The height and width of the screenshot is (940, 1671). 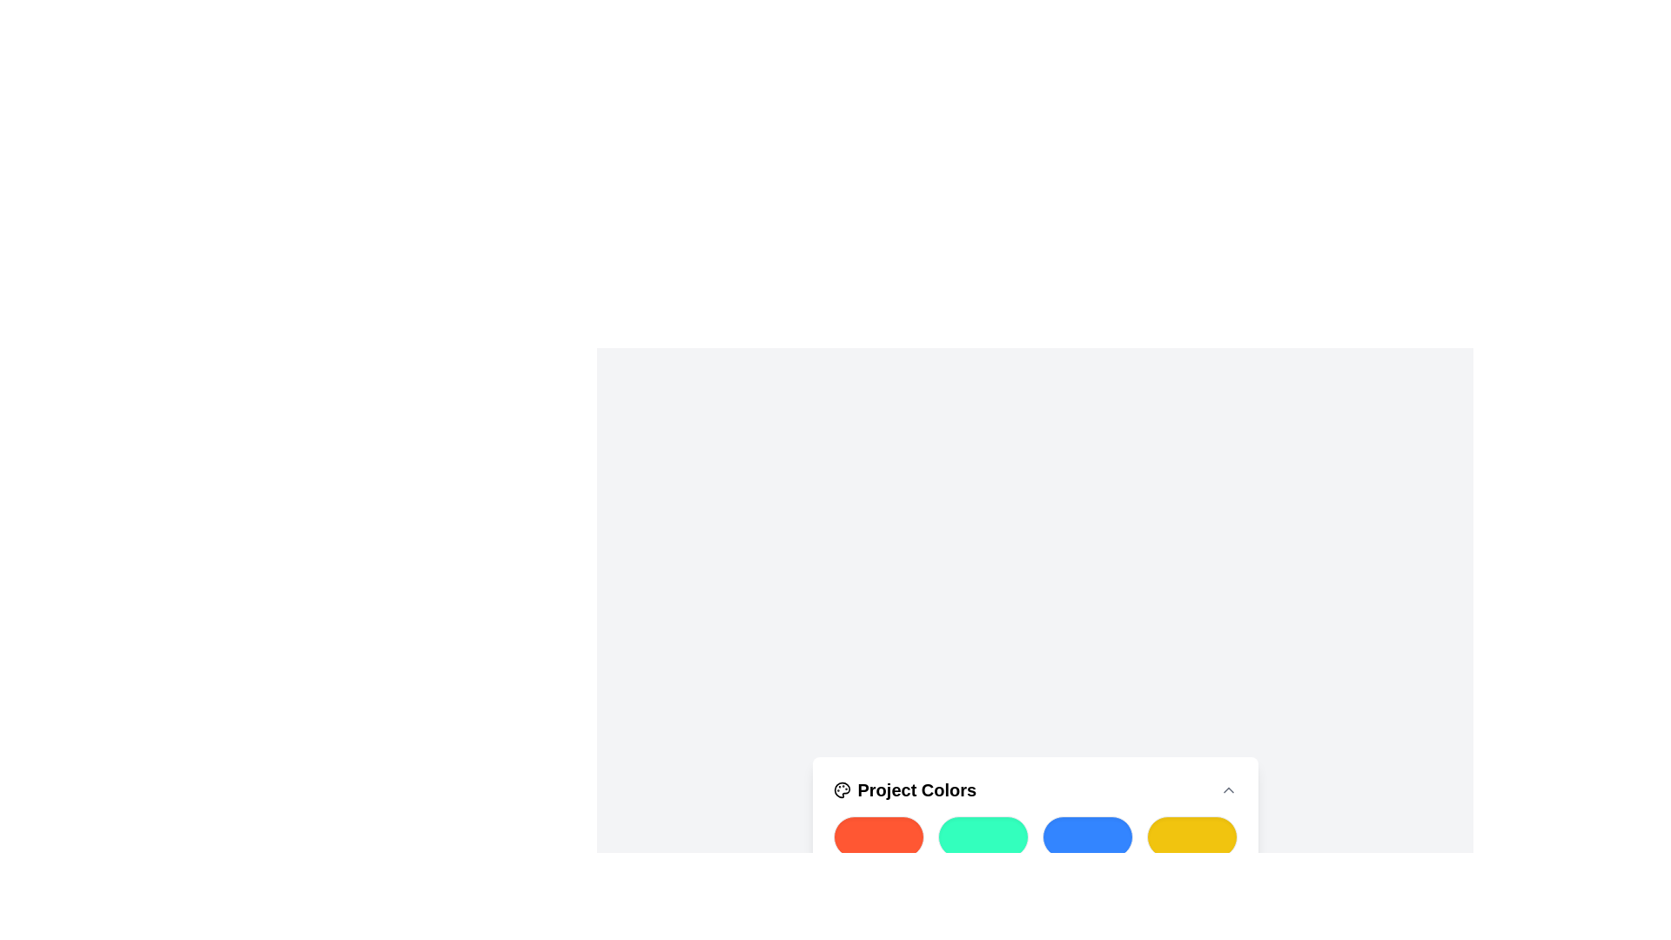 What do you see at coordinates (1035, 836) in the screenshot?
I see `one of the colored sections in the Color grid, which is located in the 'Project Colors' card at the bottom center of the interface` at bounding box center [1035, 836].